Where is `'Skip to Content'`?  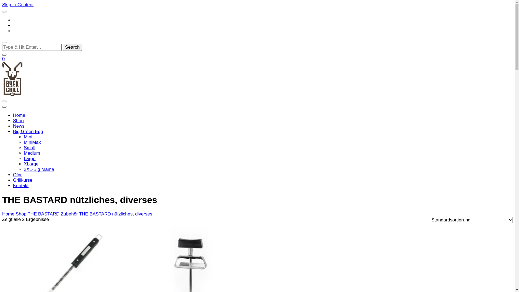 'Skip to Content' is located at coordinates (18, 5).